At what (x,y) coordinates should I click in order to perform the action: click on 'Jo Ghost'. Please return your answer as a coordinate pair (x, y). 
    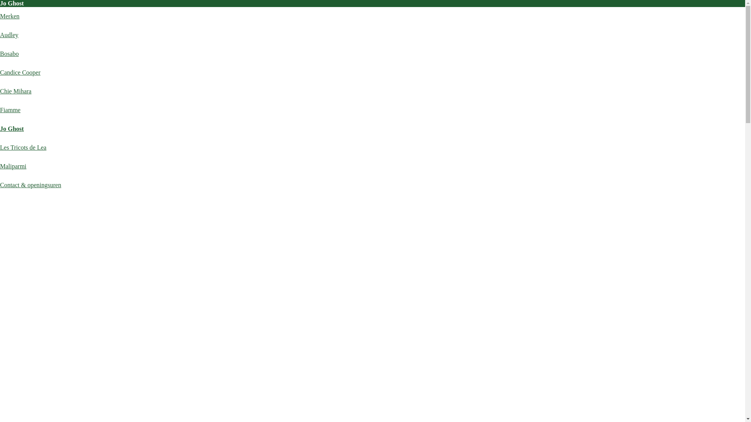
    Looking at the image, I should click on (12, 128).